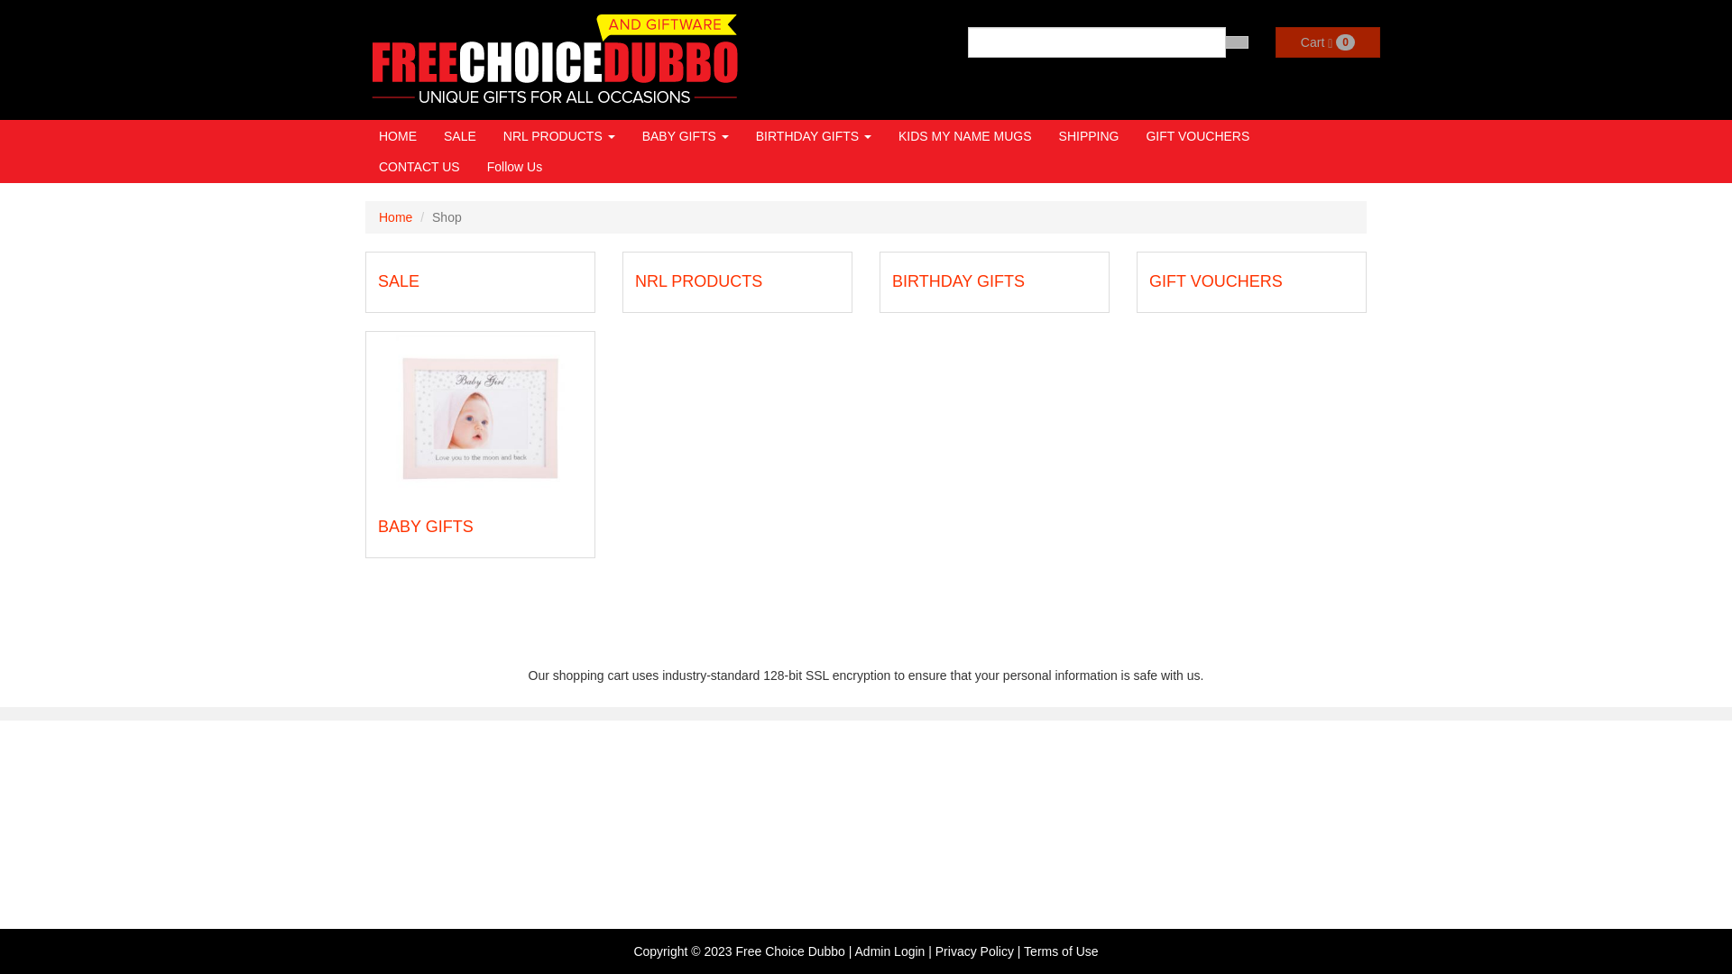 Image resolution: width=1732 pixels, height=974 pixels. I want to click on 'SALE', so click(397, 281).